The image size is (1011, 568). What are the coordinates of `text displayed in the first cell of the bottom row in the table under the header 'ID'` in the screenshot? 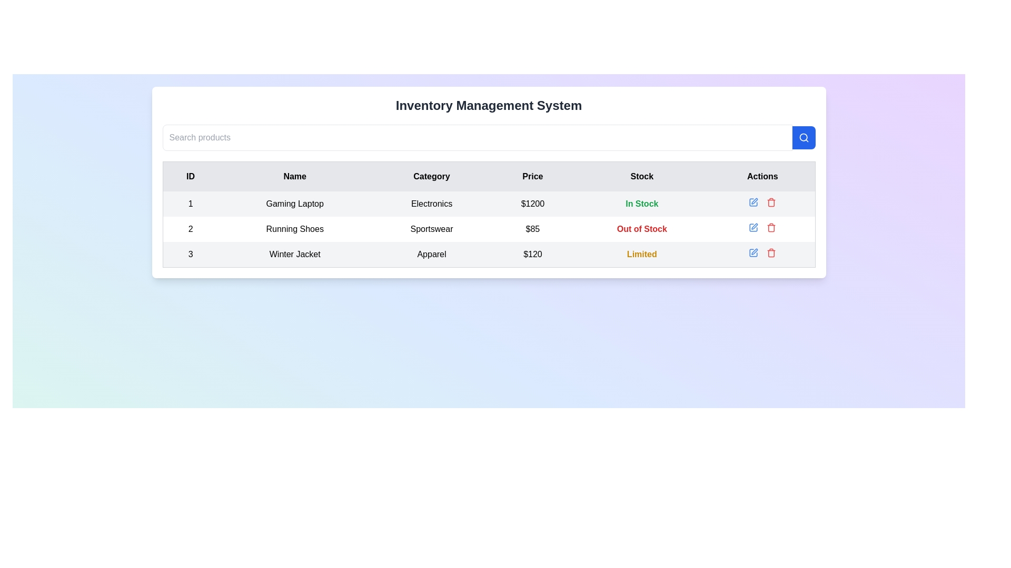 It's located at (190, 255).